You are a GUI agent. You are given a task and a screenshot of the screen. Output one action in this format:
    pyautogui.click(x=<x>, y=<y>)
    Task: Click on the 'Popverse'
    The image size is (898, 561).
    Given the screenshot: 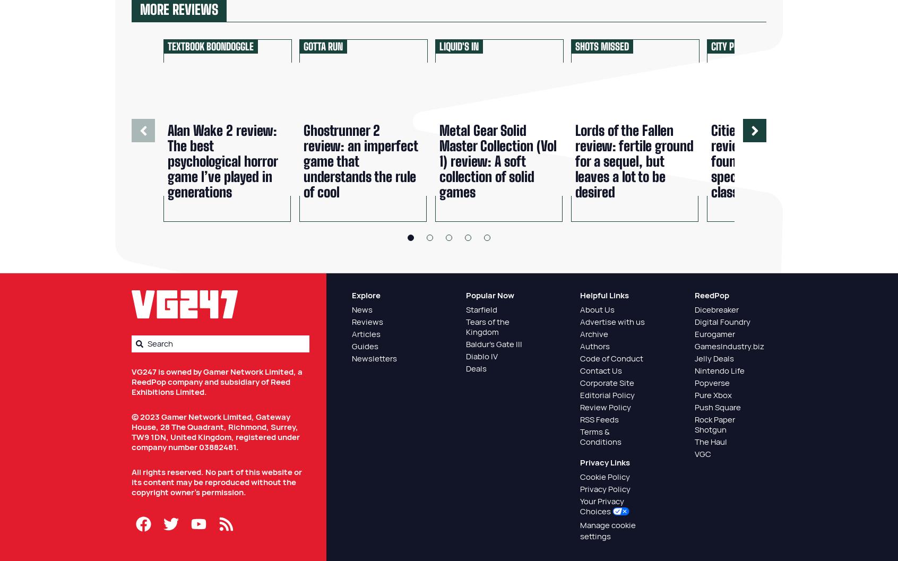 What is the action you would take?
    pyautogui.click(x=693, y=382)
    